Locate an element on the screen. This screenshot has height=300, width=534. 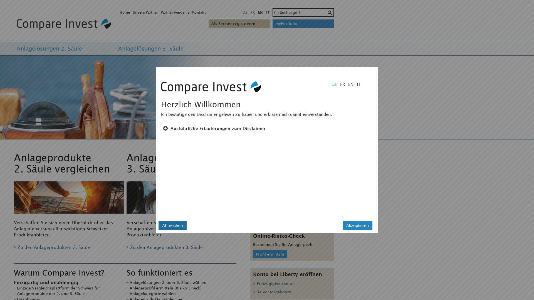
'Profil ermitteln' is located at coordinates (270, 254).